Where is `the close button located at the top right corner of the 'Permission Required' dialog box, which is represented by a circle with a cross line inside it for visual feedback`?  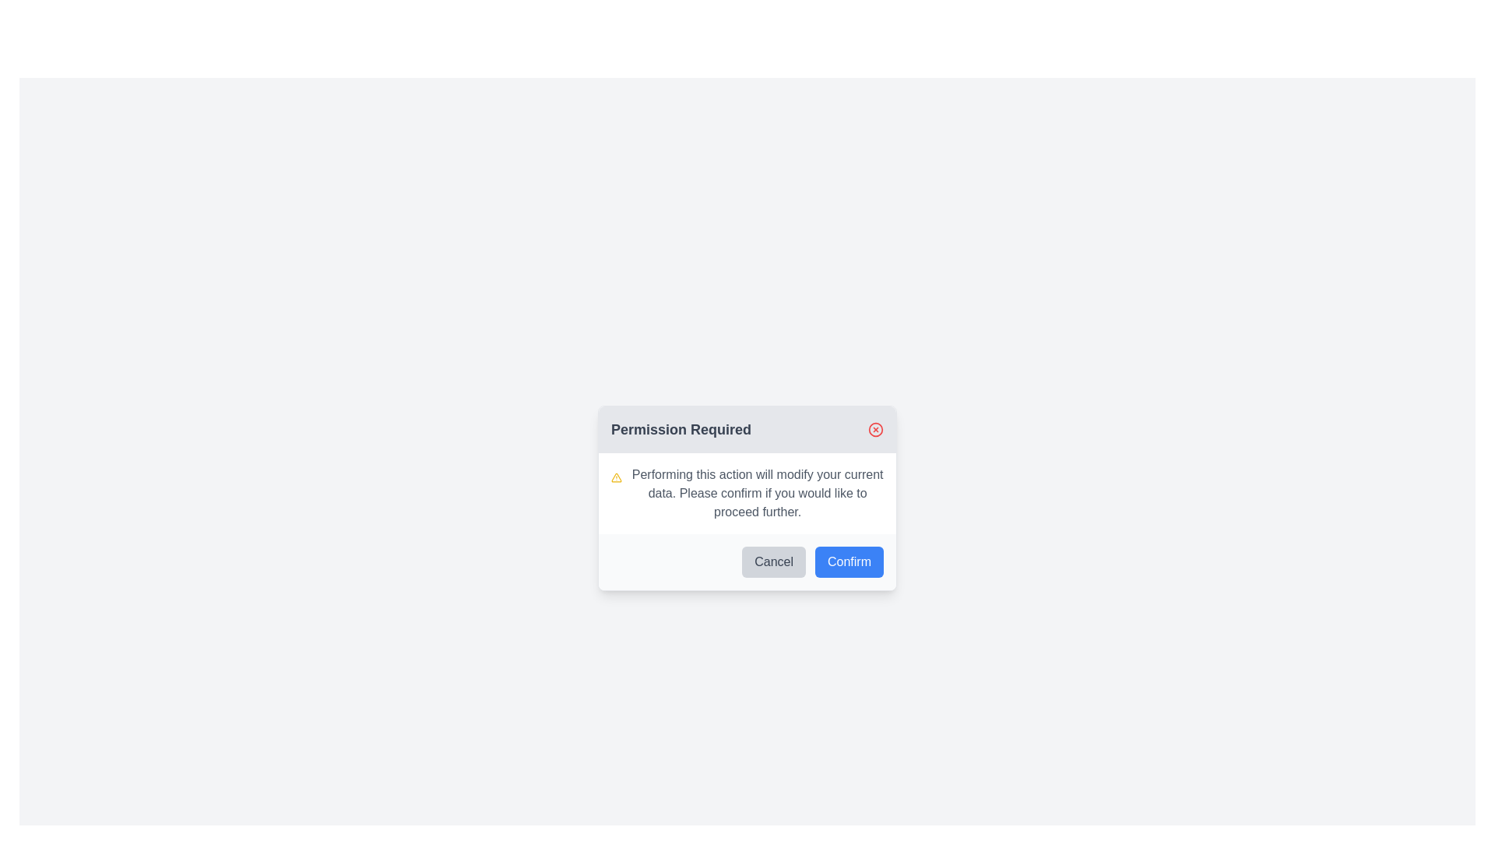 the close button located at the top right corner of the 'Permission Required' dialog box, which is represented by a circle with a cross line inside it for visual feedback is located at coordinates (875, 429).